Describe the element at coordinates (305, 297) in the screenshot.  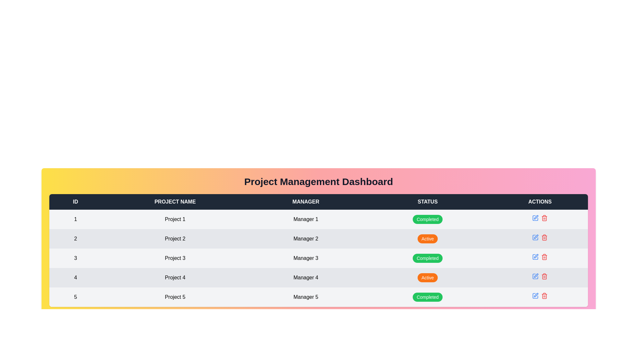
I see `text from the Text Label in the fifth row of the table under the 'MANAGER' column, which provides information about the manager associated with the fifth project entry` at that location.